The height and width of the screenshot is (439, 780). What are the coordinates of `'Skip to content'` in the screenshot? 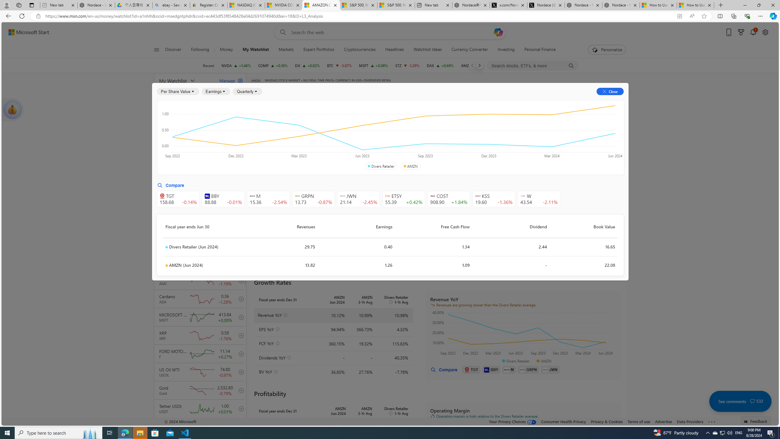 It's located at (26, 32).